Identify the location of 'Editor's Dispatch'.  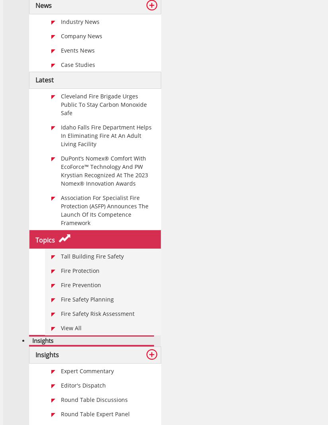
(83, 385).